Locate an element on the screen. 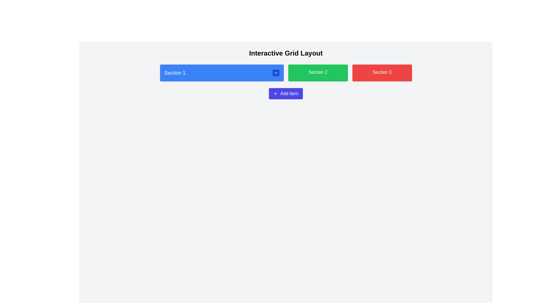  the Dropdown Menu Trigger for 'Section 1' located in the blue box at the top left is located at coordinates (221, 72).